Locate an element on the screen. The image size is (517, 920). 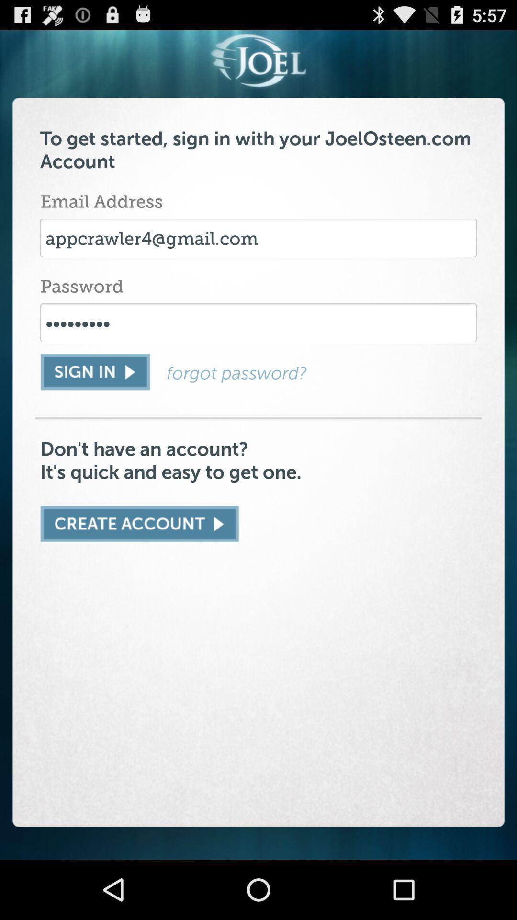
icon below the don t have icon is located at coordinates (139, 523).